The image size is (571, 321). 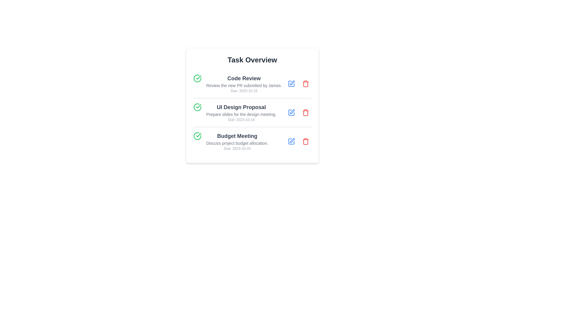 What do you see at coordinates (291, 141) in the screenshot?
I see `edit button for the task titled 'Budget Meeting'` at bounding box center [291, 141].